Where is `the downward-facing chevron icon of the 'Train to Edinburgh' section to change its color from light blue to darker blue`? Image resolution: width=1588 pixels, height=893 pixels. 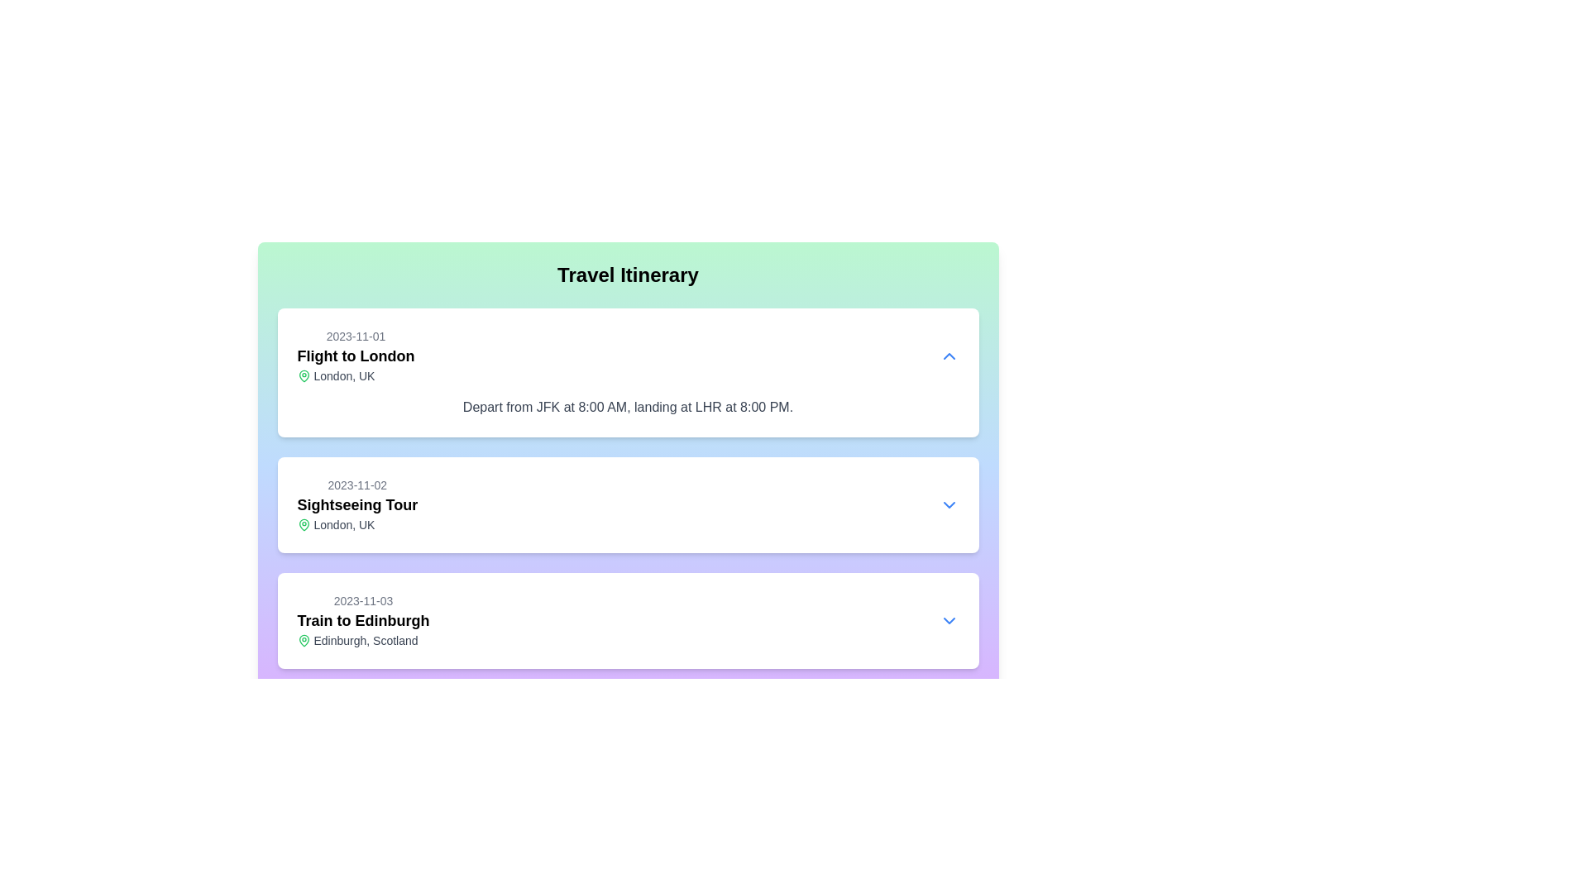
the downward-facing chevron icon of the 'Train to Edinburgh' section to change its color from light blue to darker blue is located at coordinates (949, 621).